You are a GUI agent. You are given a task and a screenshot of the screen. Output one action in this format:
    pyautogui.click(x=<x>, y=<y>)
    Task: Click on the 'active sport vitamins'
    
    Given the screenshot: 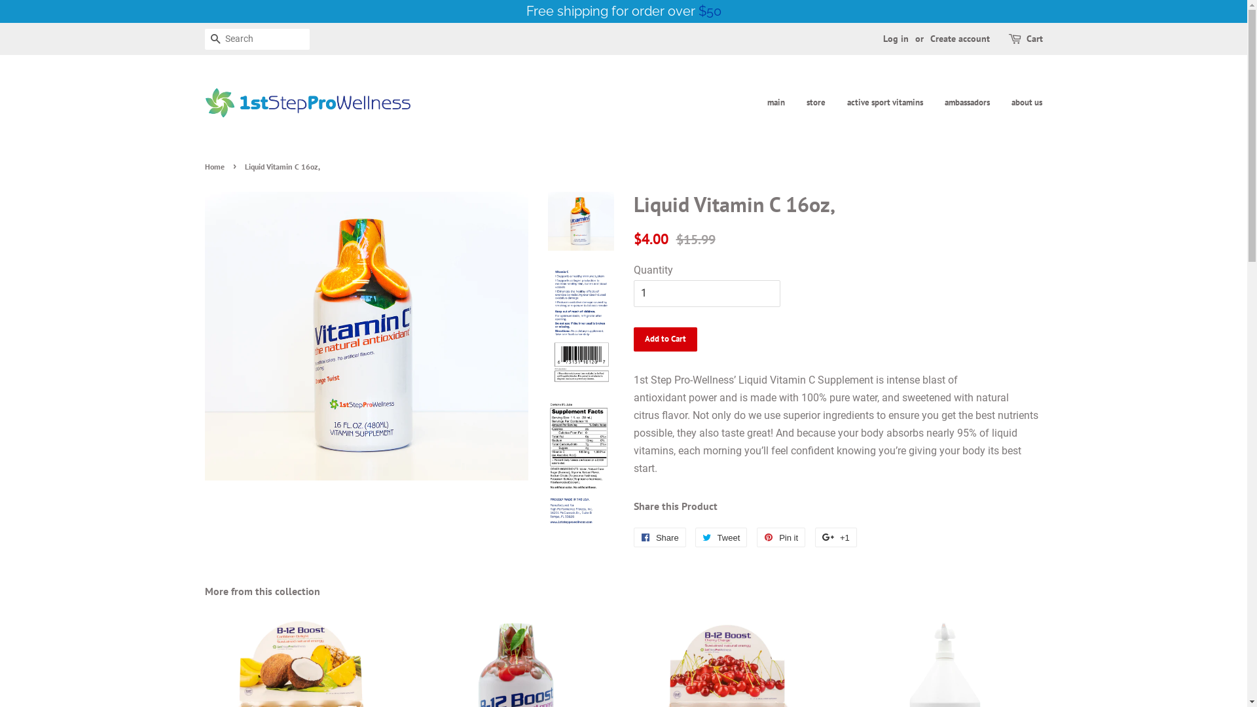 What is the action you would take?
    pyautogui.click(x=885, y=102)
    